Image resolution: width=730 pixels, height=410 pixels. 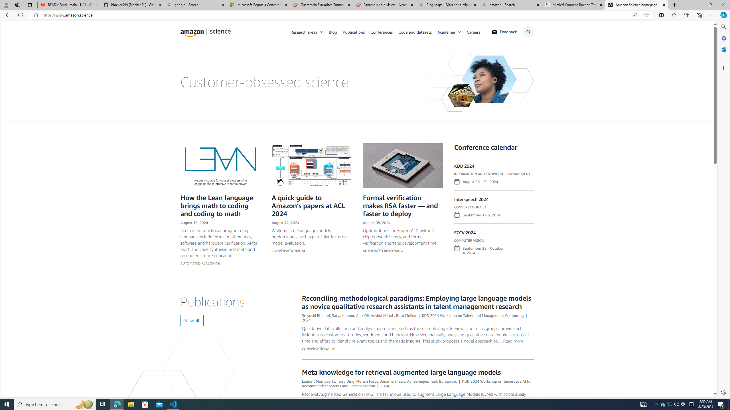 I want to click on 'Adi Banerjee', so click(x=417, y=381).